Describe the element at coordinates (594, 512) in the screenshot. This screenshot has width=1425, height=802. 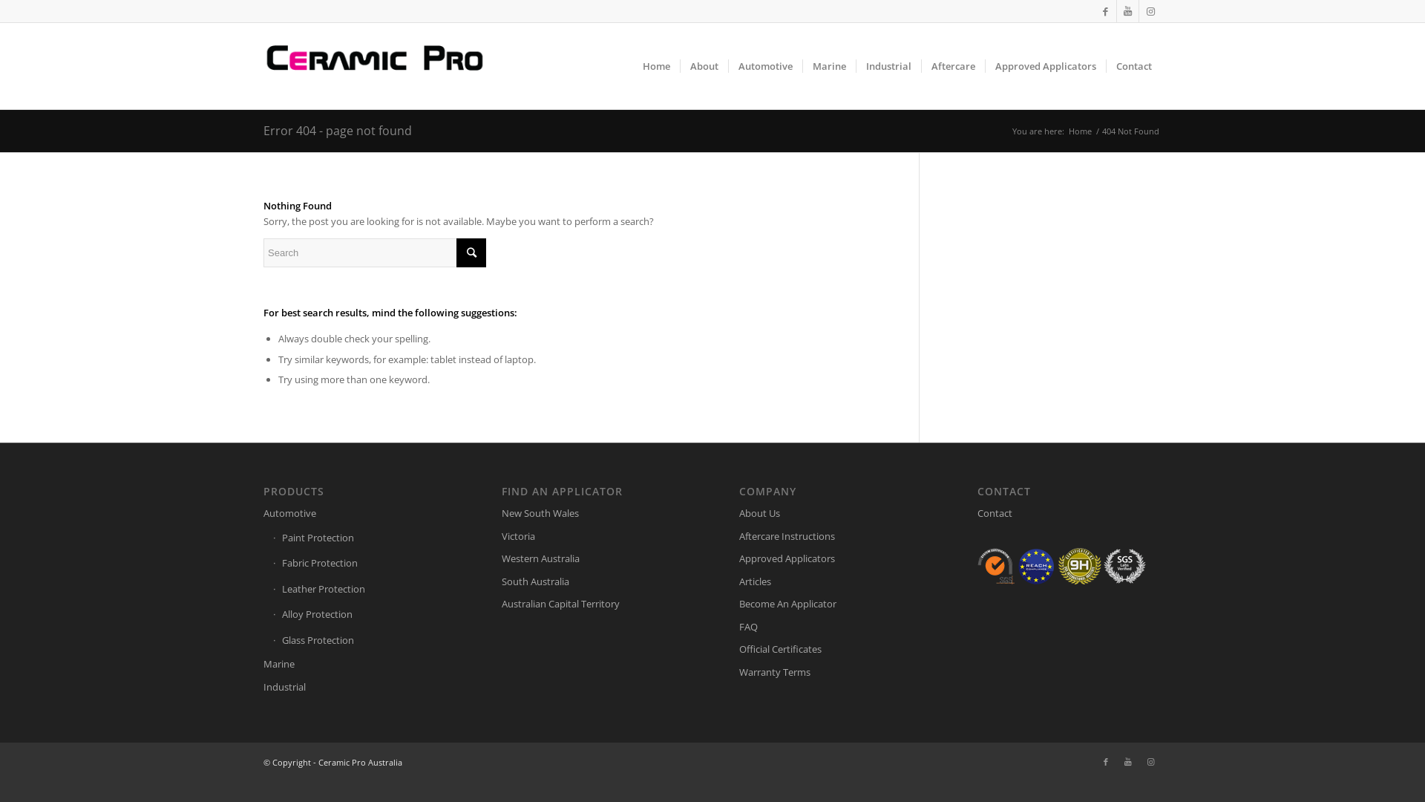
I see `'New South Wales'` at that location.